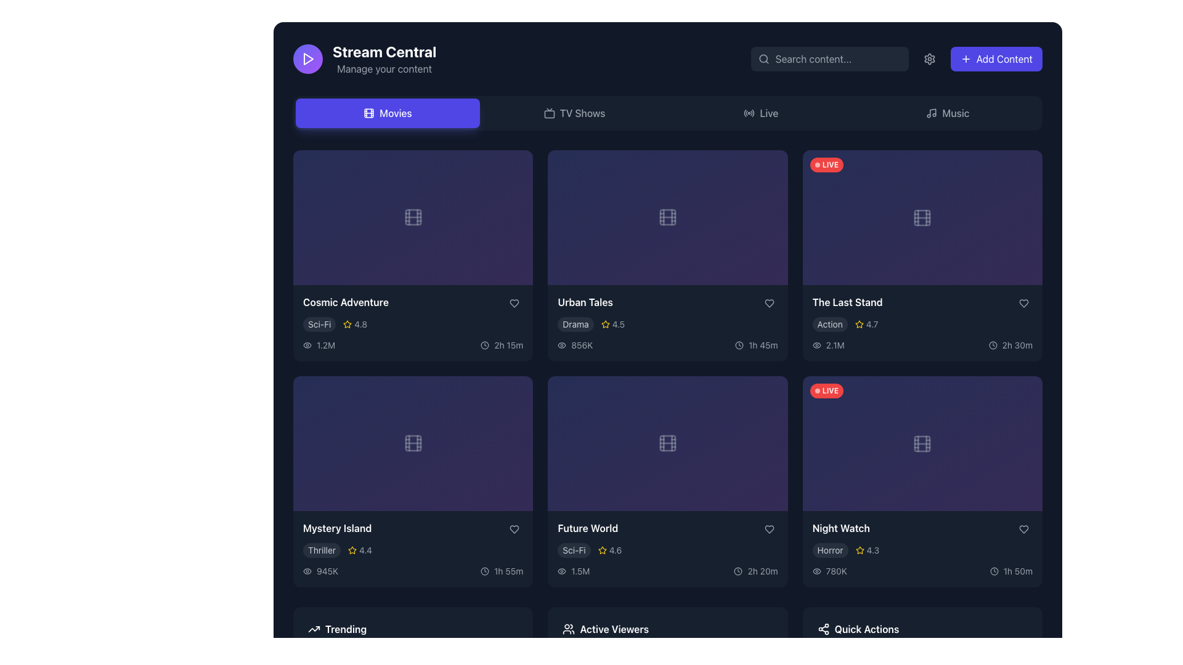 The image size is (1183, 665). Describe the element at coordinates (352, 550) in the screenshot. I see `the star icon that signifies the user rating of 4.4 for the content labeled 'Mystery Island'` at that location.